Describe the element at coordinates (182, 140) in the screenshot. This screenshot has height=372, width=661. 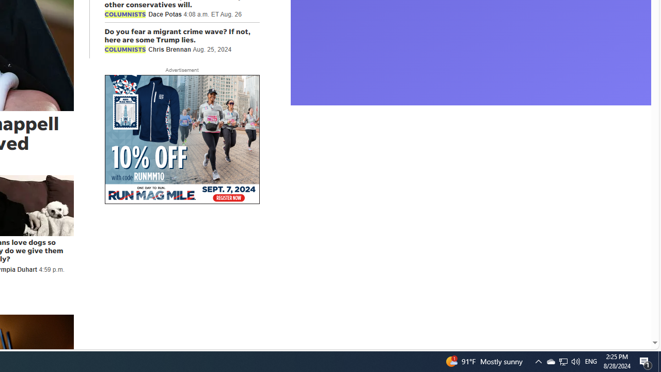
I see `'AutomationID: aw0'` at that location.